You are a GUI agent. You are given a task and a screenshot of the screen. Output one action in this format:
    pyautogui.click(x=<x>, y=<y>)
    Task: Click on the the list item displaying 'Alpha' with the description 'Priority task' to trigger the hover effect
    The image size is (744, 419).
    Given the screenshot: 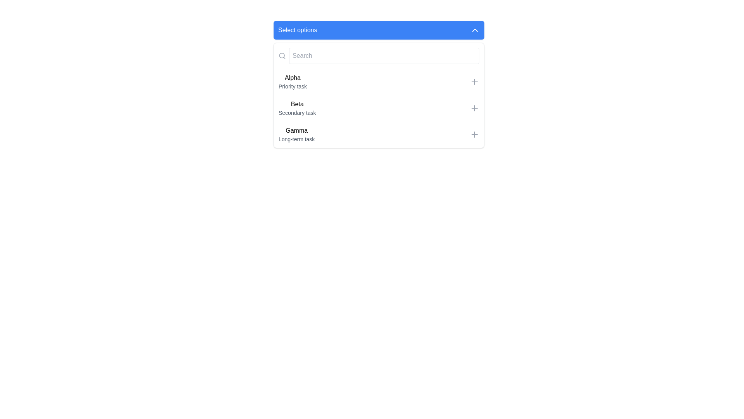 What is the action you would take?
    pyautogui.click(x=292, y=82)
    